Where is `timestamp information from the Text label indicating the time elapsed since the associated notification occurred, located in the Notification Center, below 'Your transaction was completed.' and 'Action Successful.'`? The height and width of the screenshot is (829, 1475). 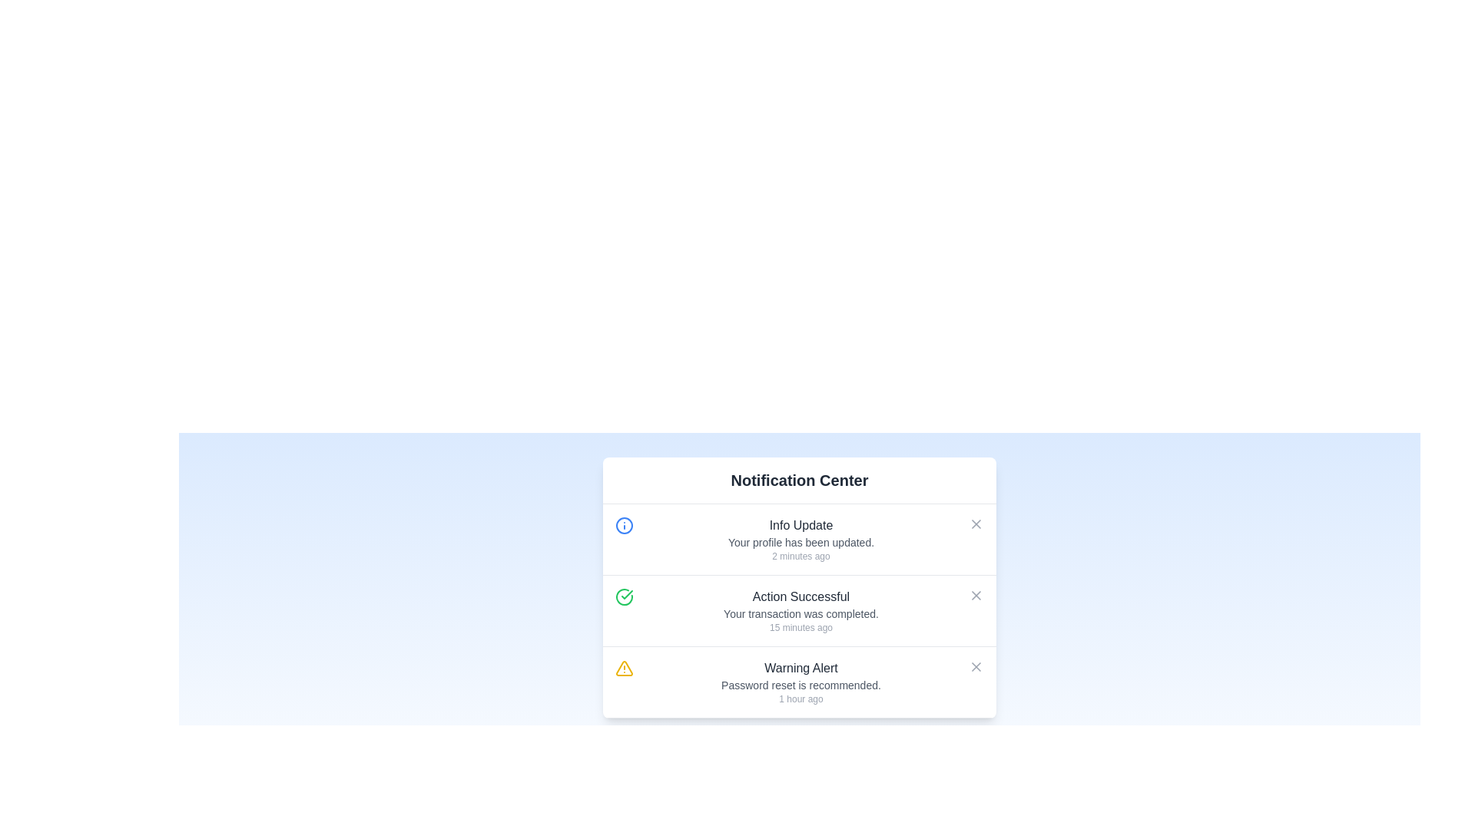
timestamp information from the Text label indicating the time elapsed since the associated notification occurred, located in the Notification Center, below 'Your transaction was completed.' and 'Action Successful.' is located at coordinates (800, 627).